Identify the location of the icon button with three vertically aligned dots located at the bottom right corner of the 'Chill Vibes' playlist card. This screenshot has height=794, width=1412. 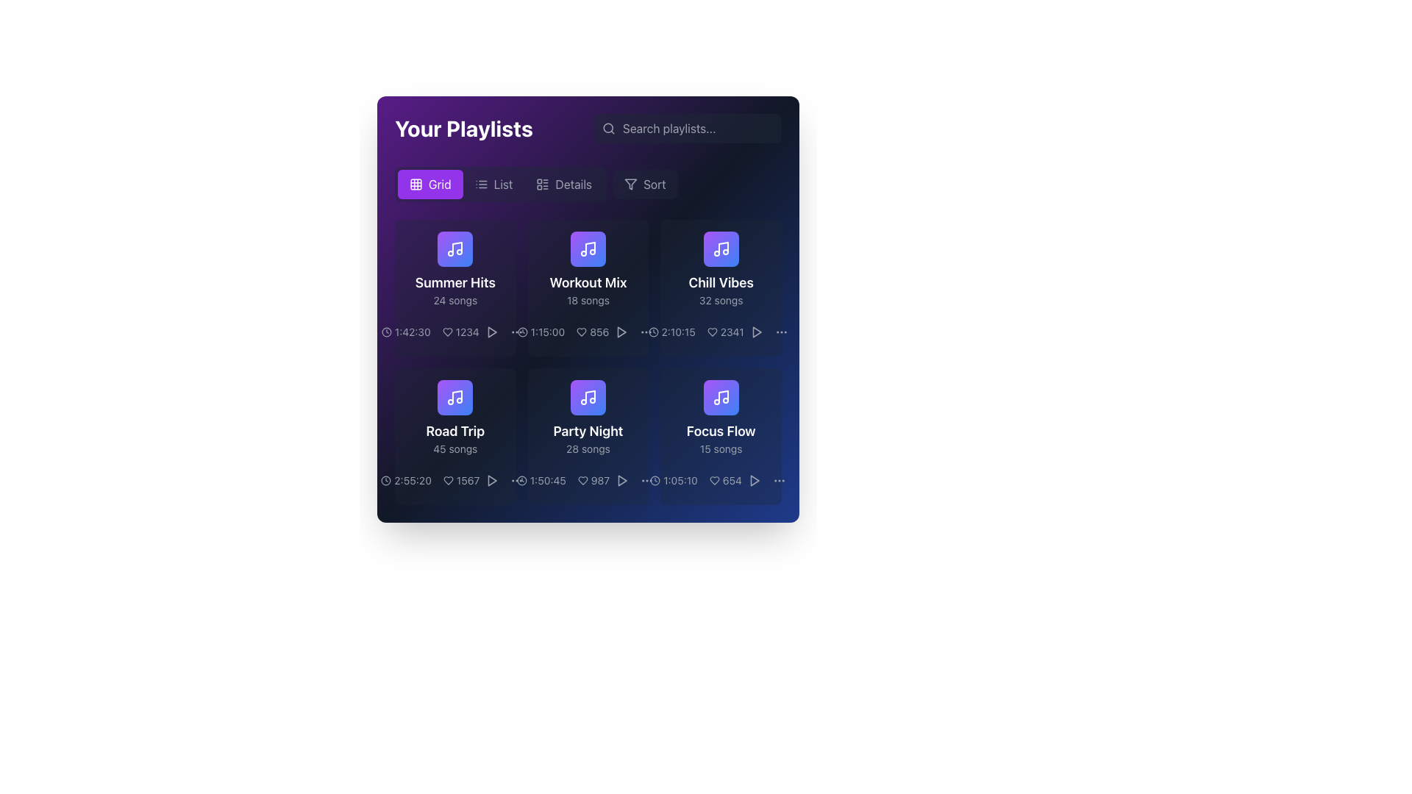
(646, 332).